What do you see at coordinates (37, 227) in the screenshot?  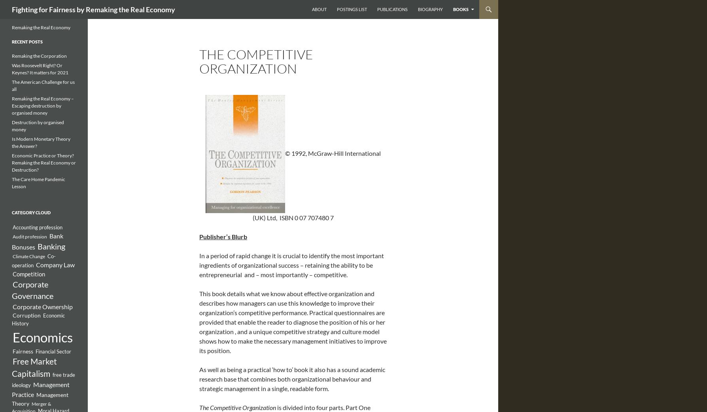 I see `'Accounting profession'` at bounding box center [37, 227].